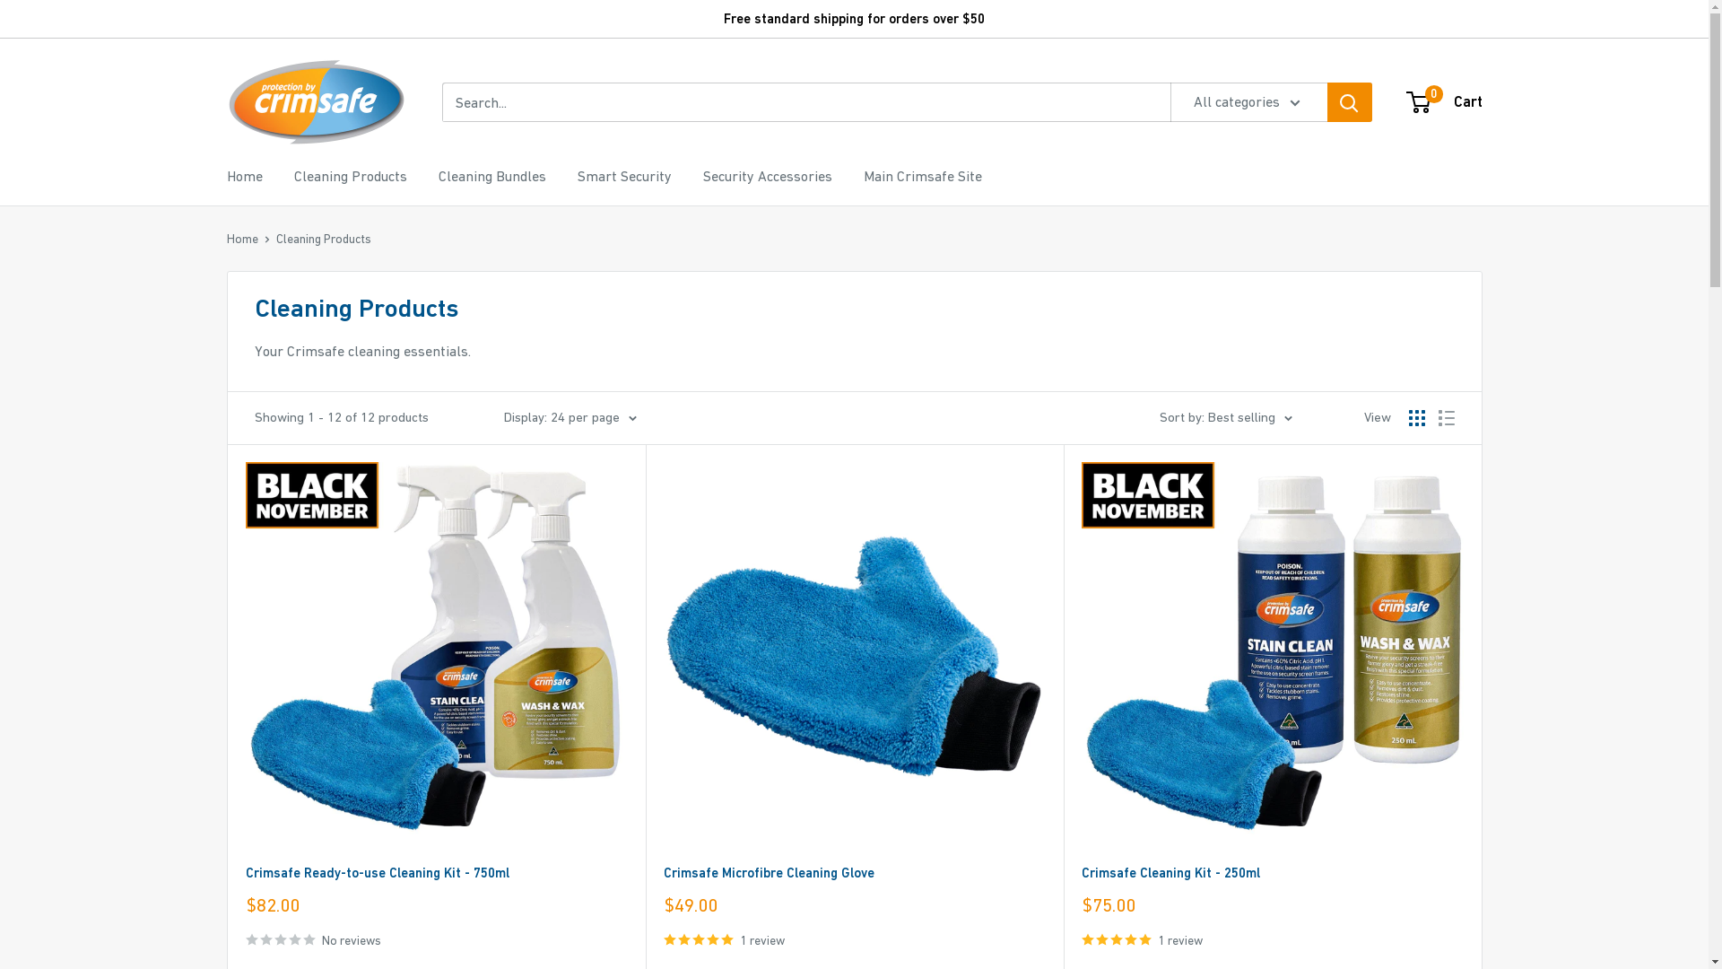 The image size is (1722, 969). What do you see at coordinates (1445, 102) in the screenshot?
I see `'0` at bounding box center [1445, 102].